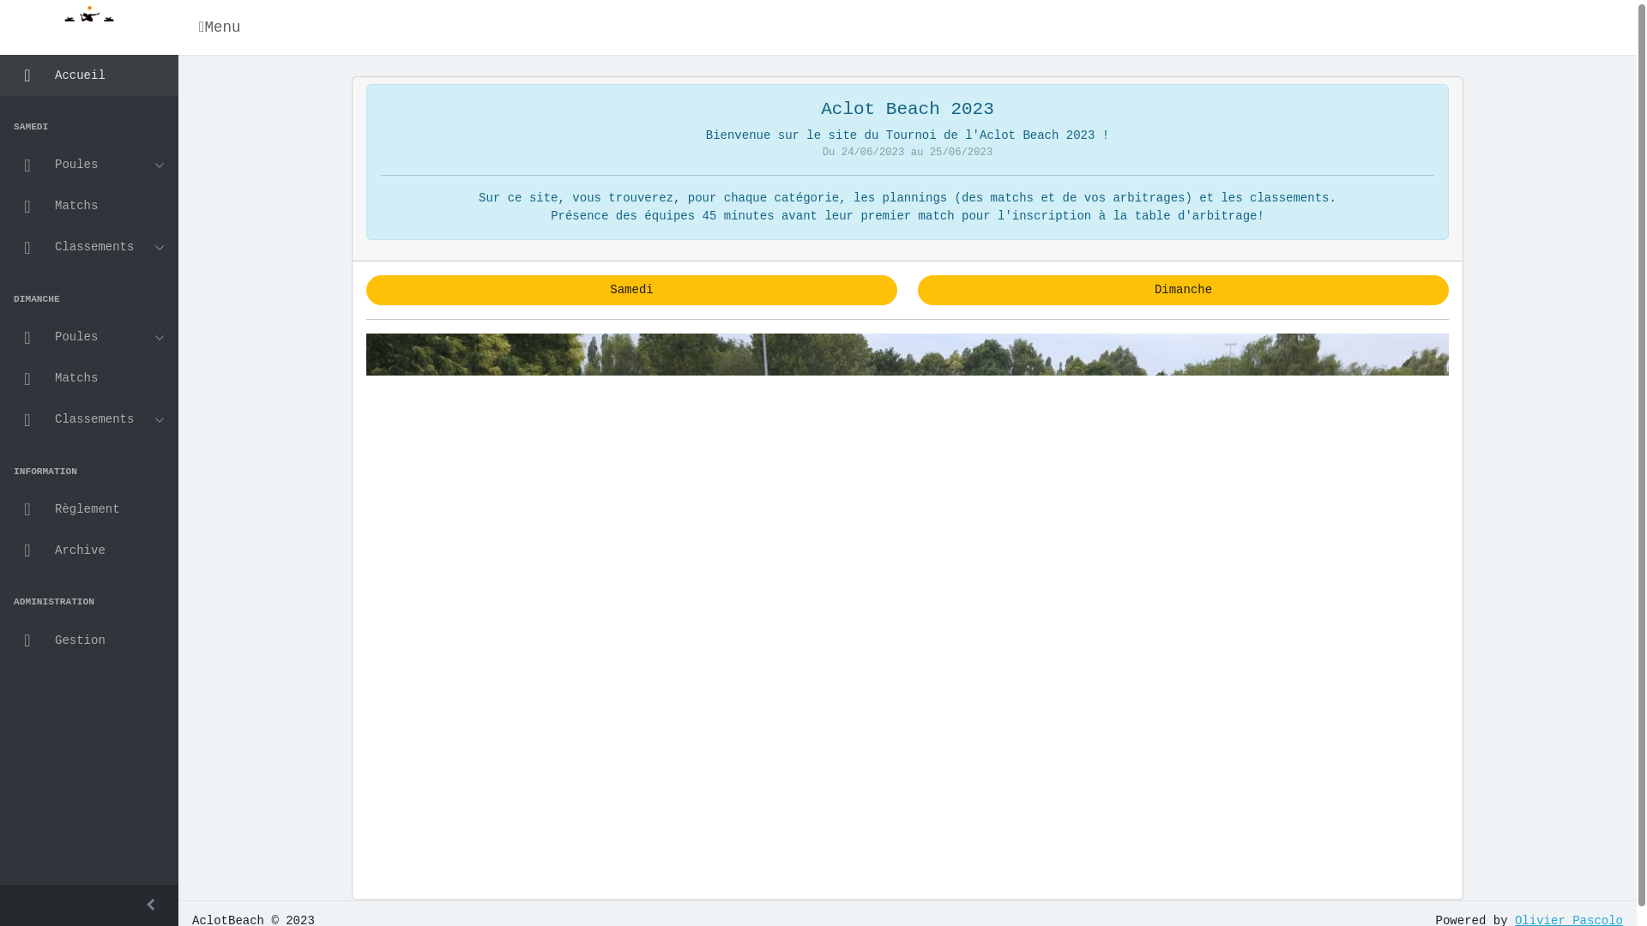 The image size is (1647, 926). I want to click on 'Gestion', so click(88, 640).